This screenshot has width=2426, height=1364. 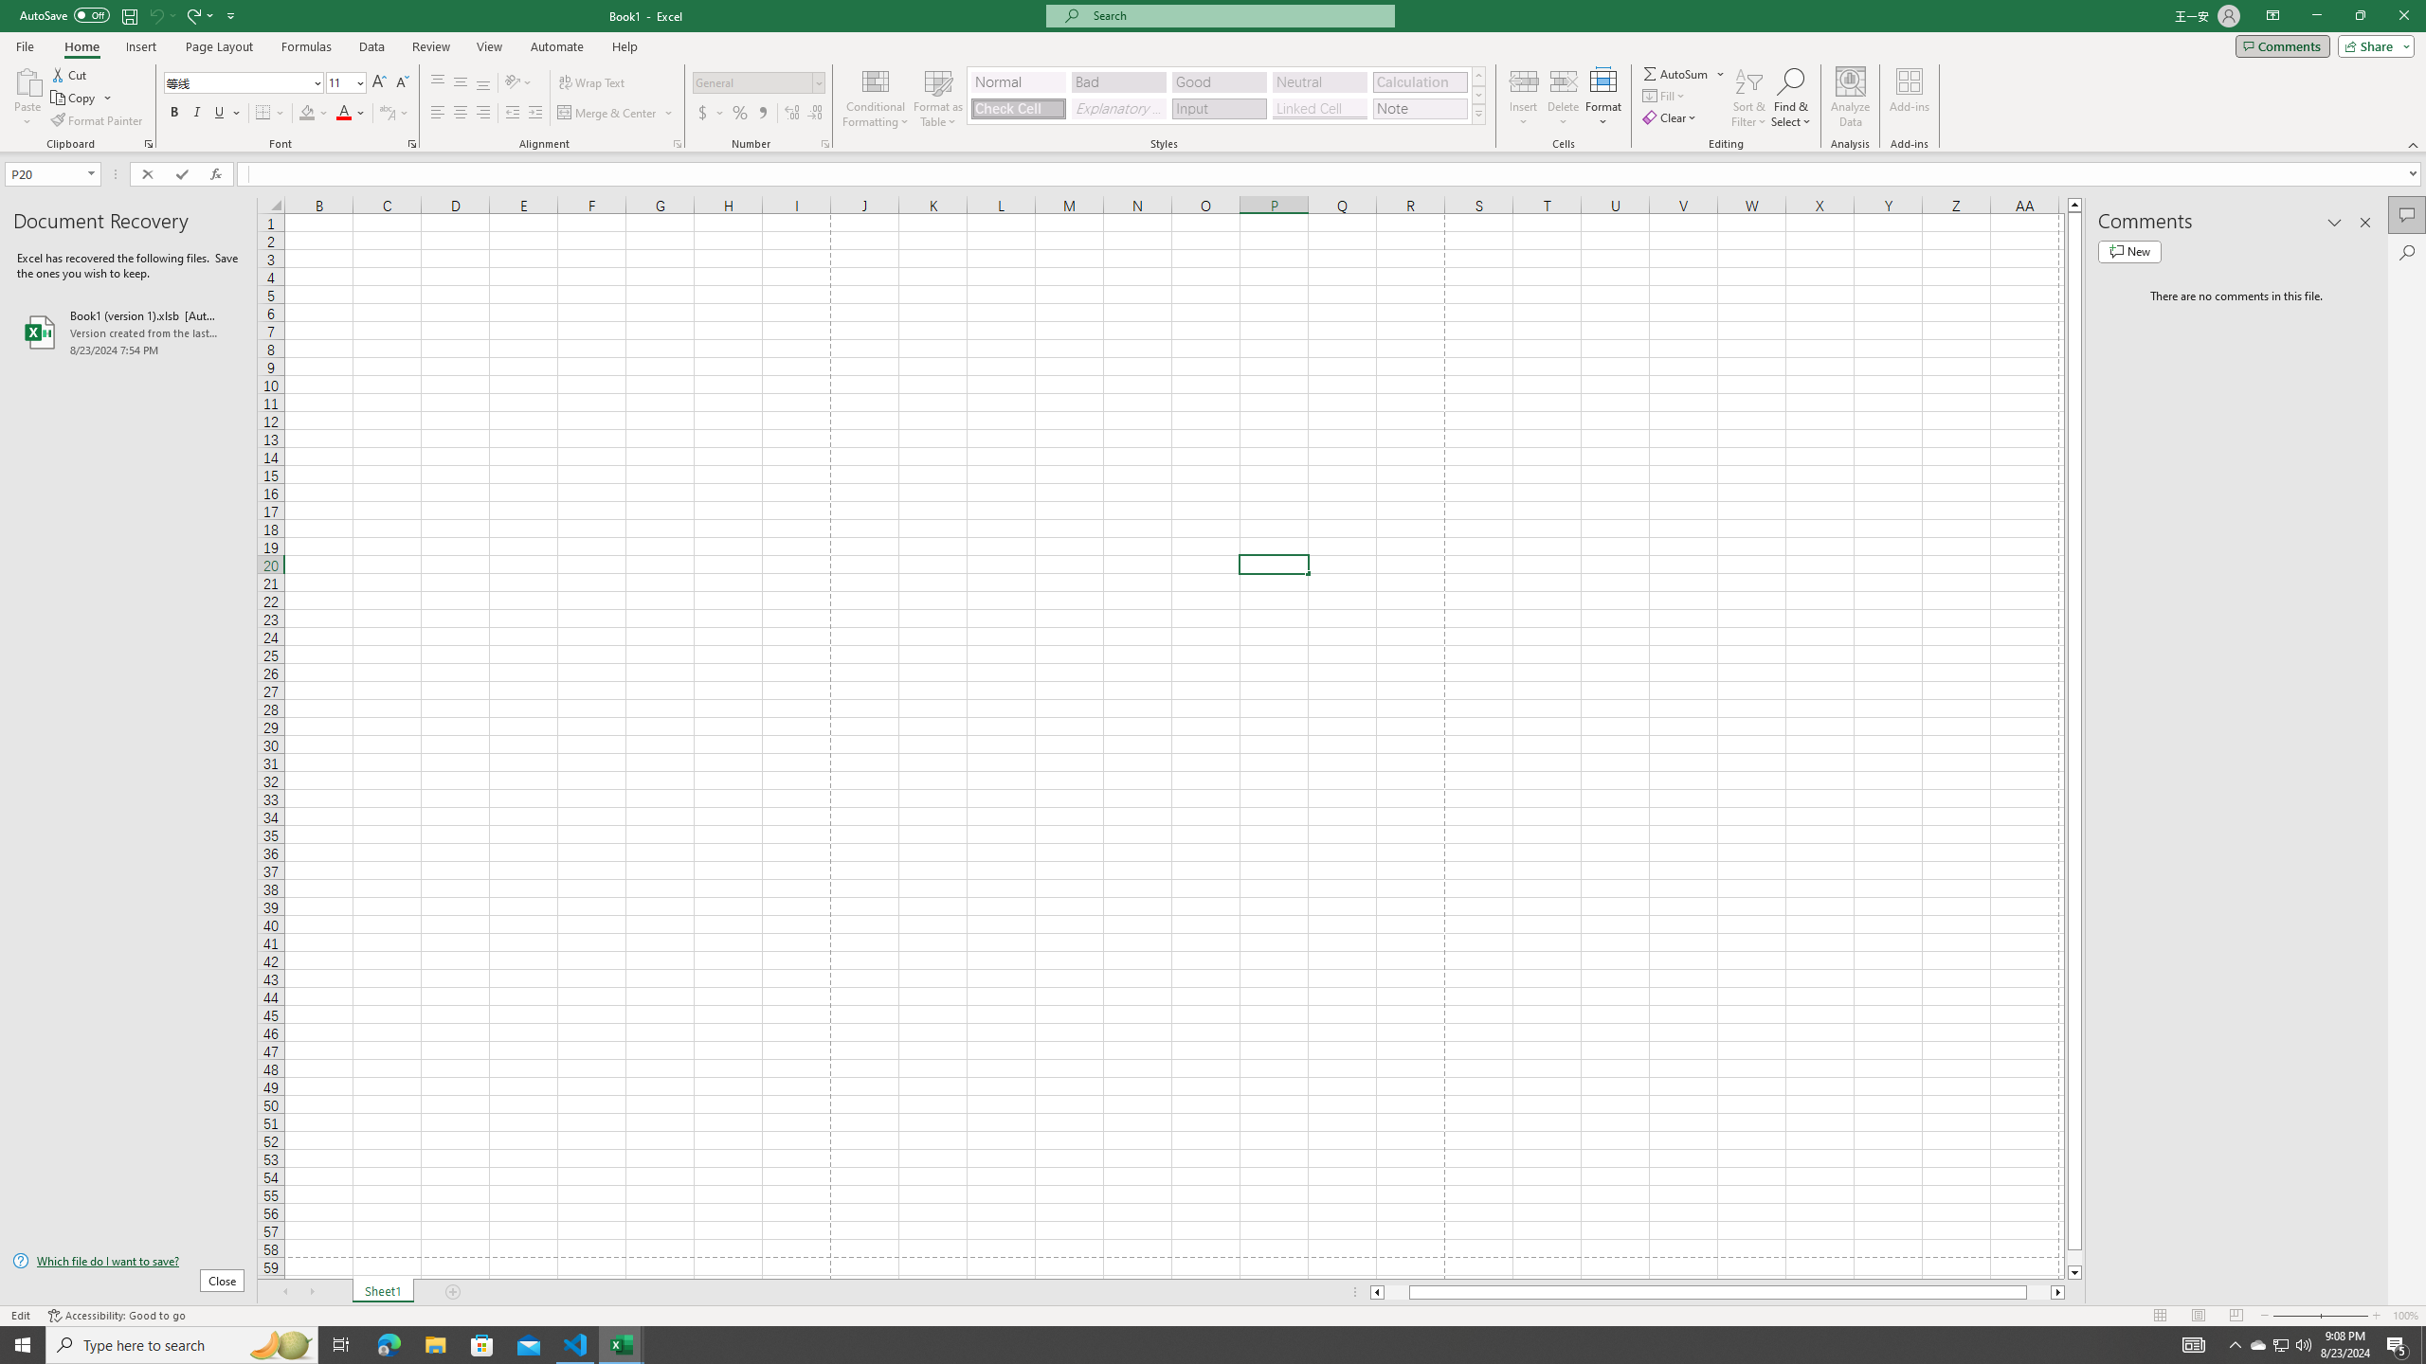 I want to click on 'Format Cell Font', so click(x=412, y=142).